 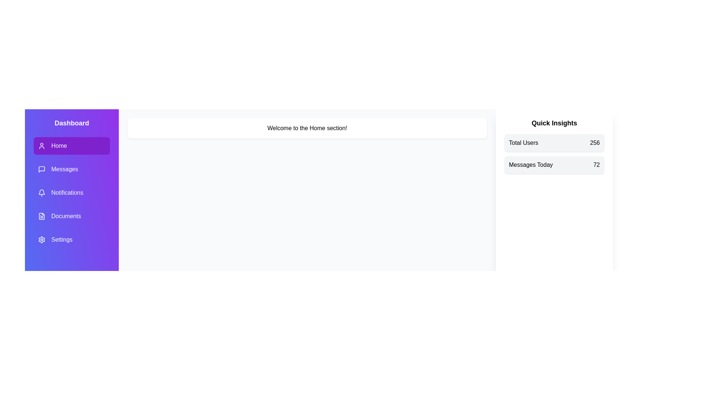 I want to click on the 'Messages' icon in the navigation menu, so click(x=41, y=169).